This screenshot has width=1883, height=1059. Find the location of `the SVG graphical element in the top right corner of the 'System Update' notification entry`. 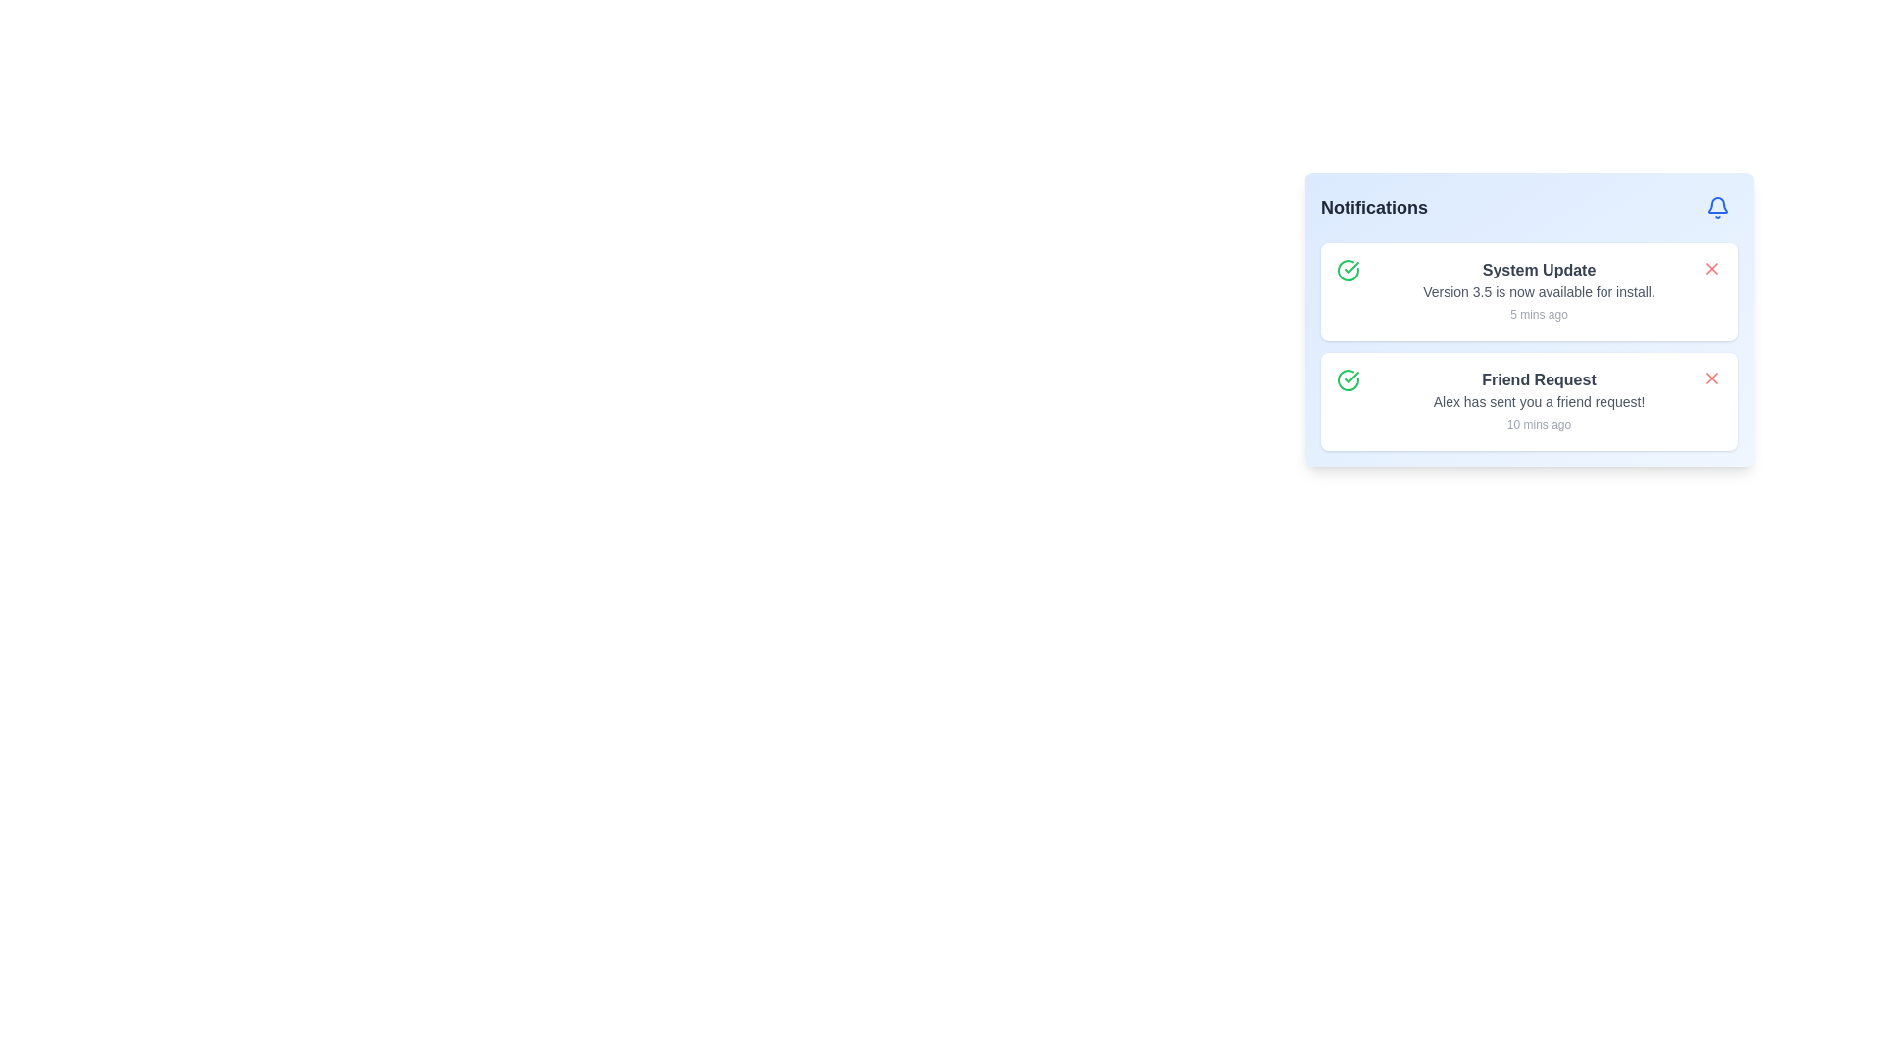

the SVG graphical element in the top right corner of the 'System Update' notification entry is located at coordinates (1711, 268).